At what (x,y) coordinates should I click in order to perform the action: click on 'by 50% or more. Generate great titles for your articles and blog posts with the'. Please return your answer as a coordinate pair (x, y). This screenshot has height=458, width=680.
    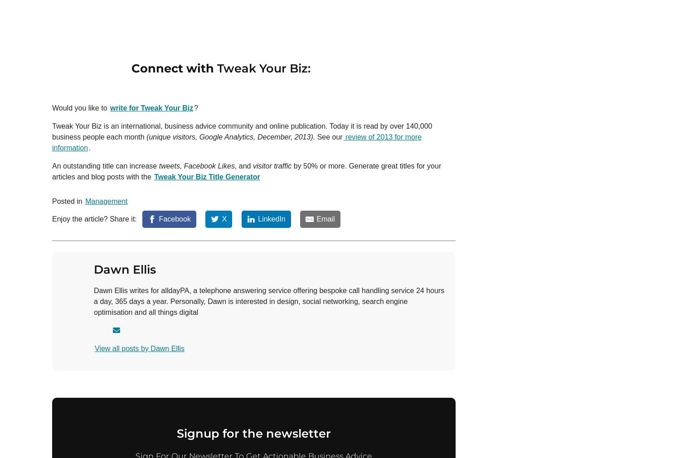
    Looking at the image, I should click on (52, 170).